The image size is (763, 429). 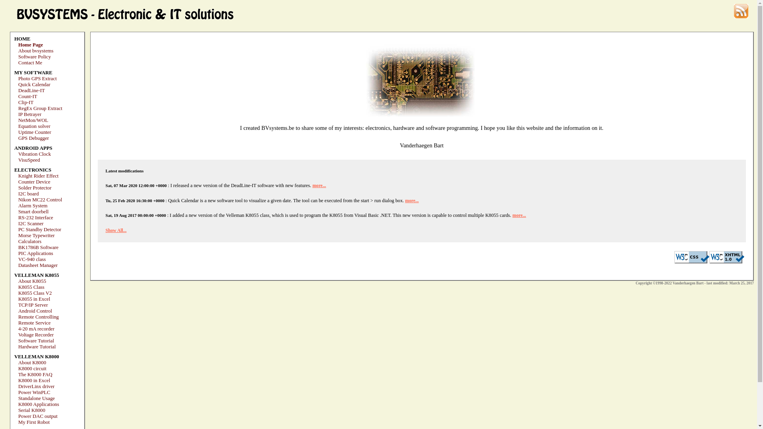 I want to click on 'DriverLinx driver', so click(x=36, y=386).